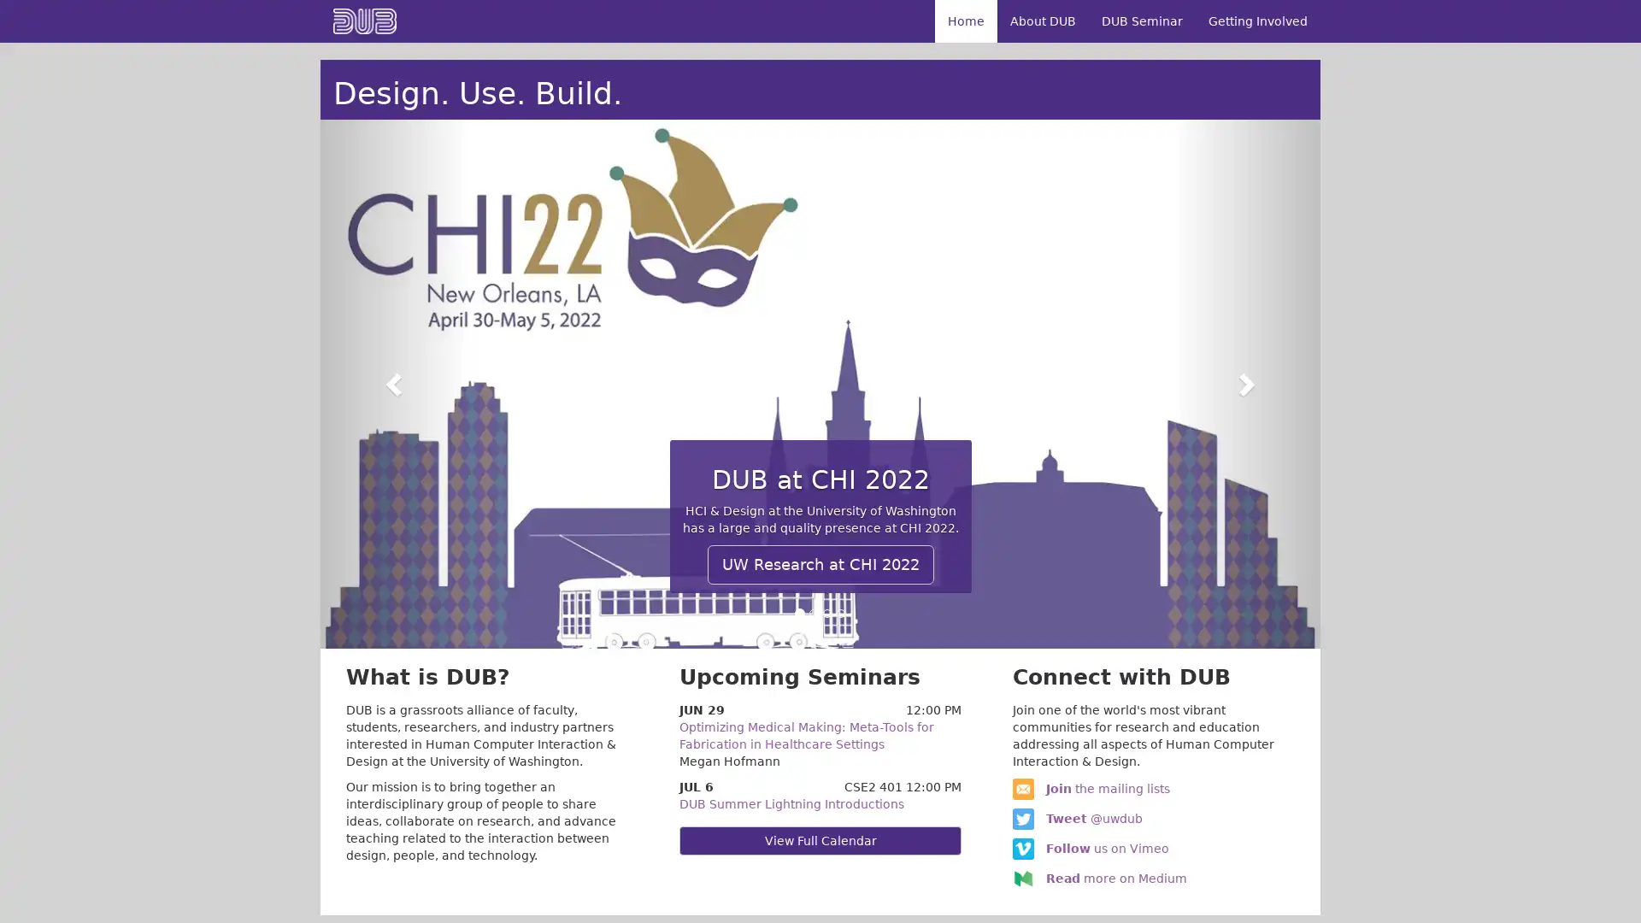 Image resolution: width=1641 pixels, height=923 pixels. Describe the element at coordinates (1245, 382) in the screenshot. I see `Next` at that location.